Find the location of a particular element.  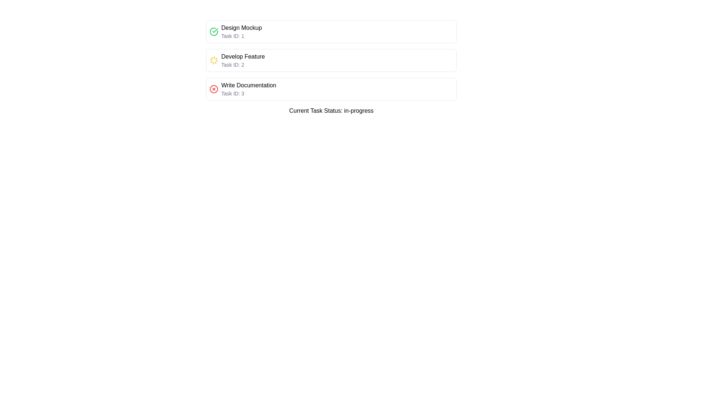

the 'Develop Feature' button is located at coordinates (331, 60).